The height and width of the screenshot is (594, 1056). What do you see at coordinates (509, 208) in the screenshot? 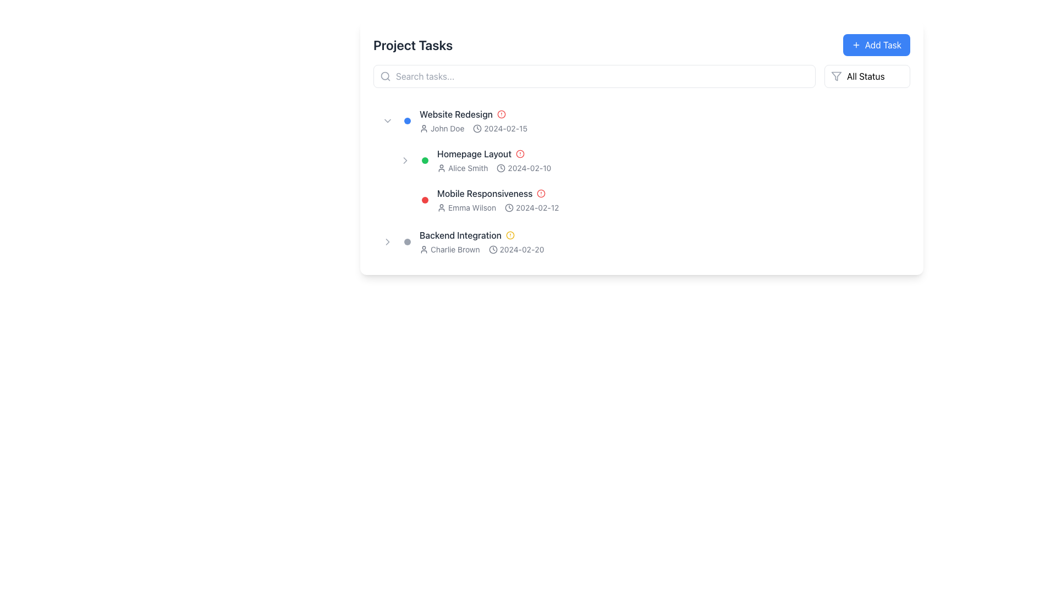
I see `the clock icon located to the left of the date '2024-02-12' in the 'Mobile Responsiveness' row, which indicates the relevance of the associated date or time` at bounding box center [509, 208].